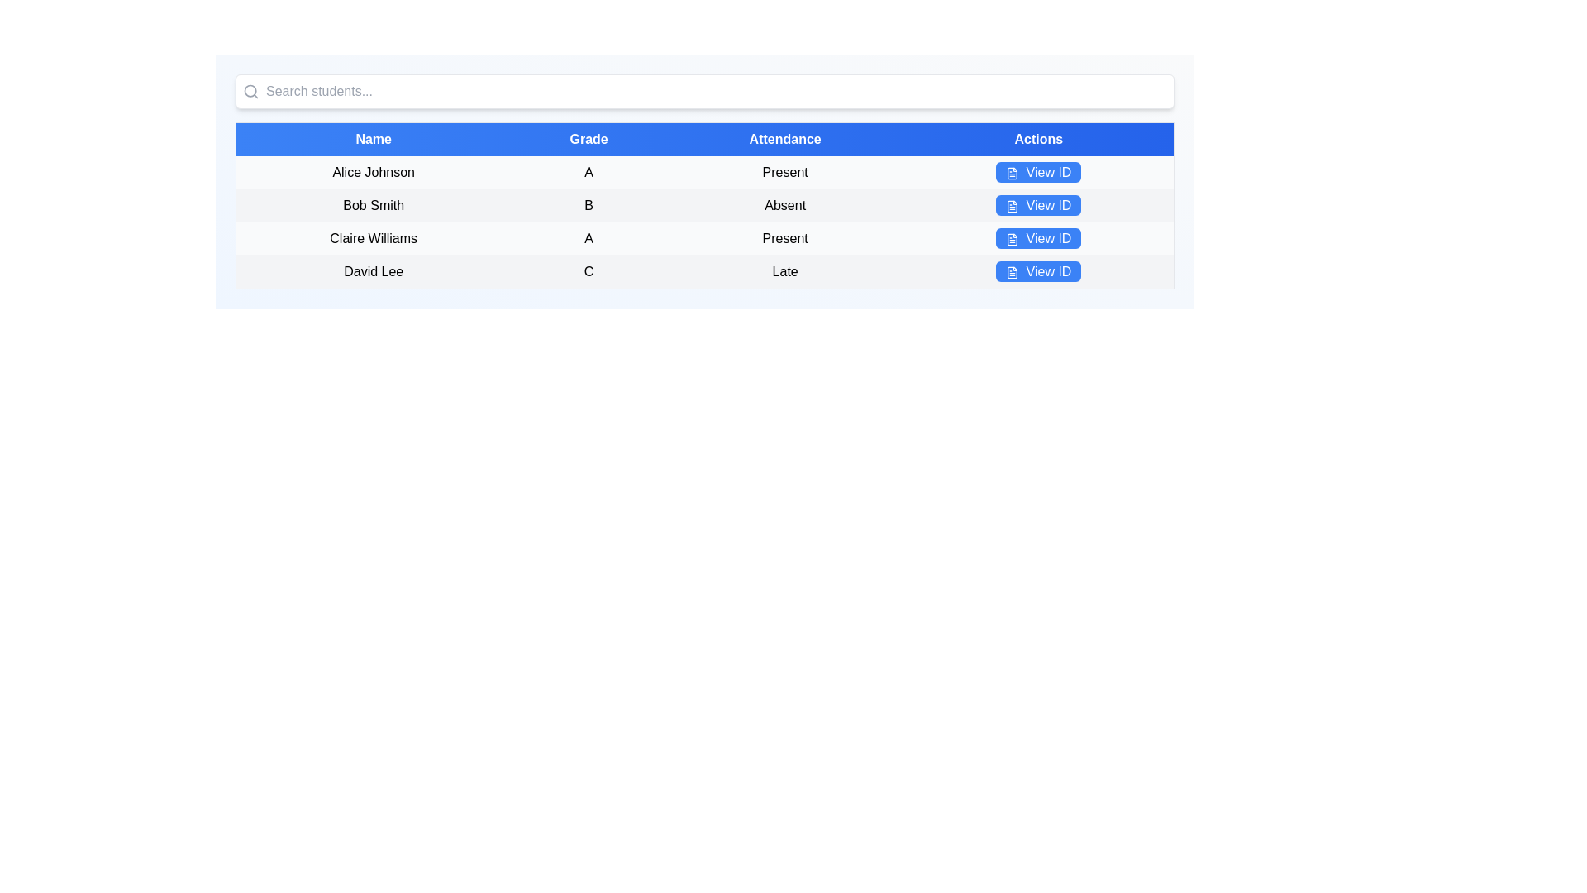 This screenshot has height=893, width=1587. I want to click on the table row displaying information about 'Claire Williams', which includes the name, grade, attendance status, and an actionable button labeled 'View ID', so click(705, 239).